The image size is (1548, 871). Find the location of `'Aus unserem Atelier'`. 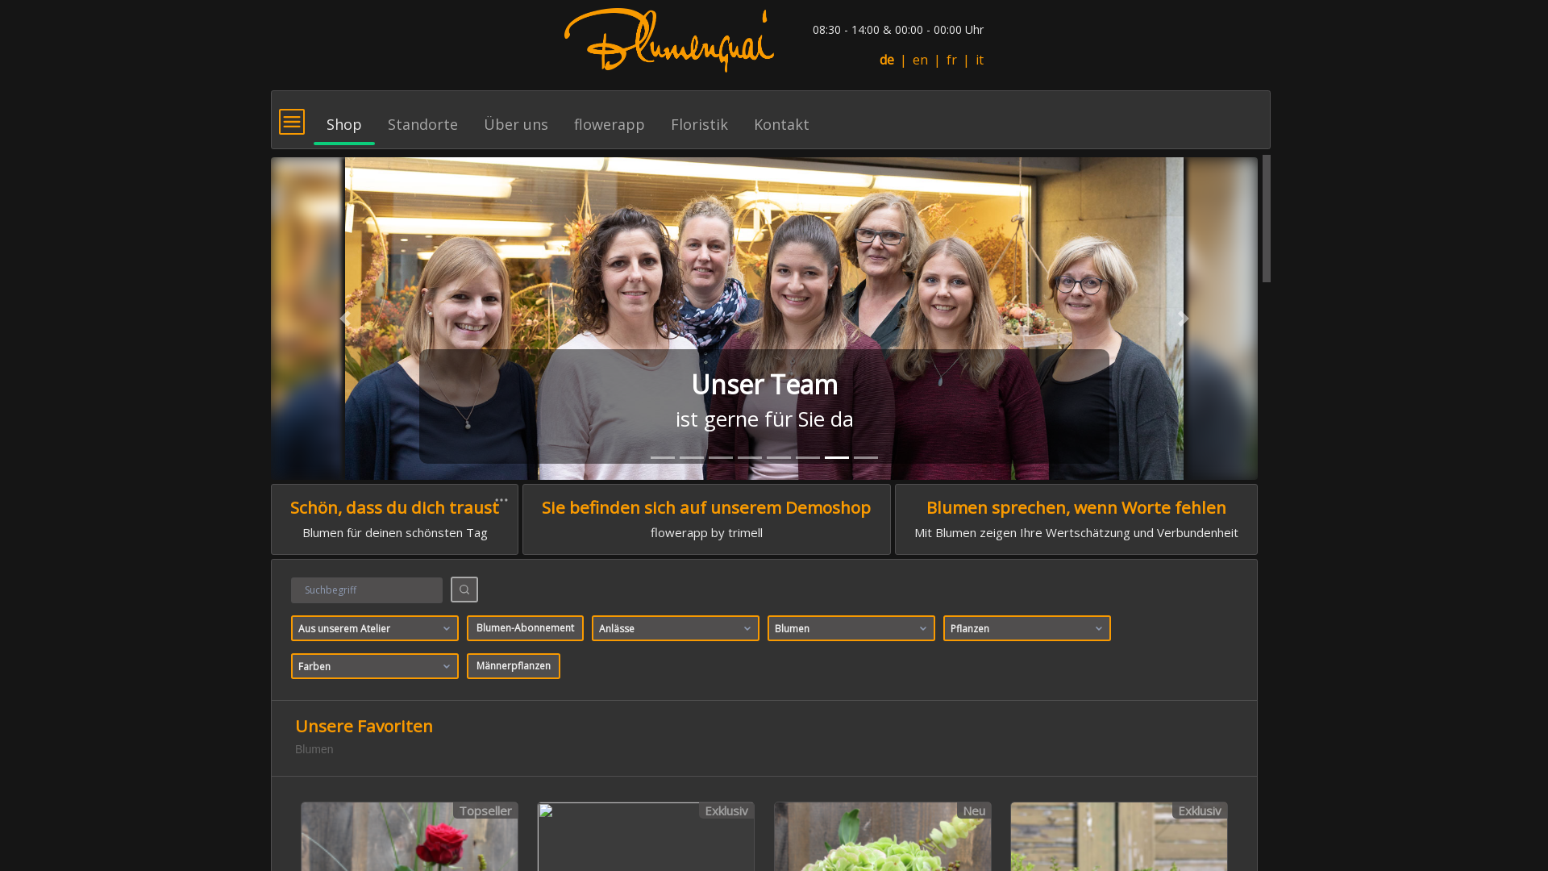

'Aus unserem Atelier' is located at coordinates (374, 627).